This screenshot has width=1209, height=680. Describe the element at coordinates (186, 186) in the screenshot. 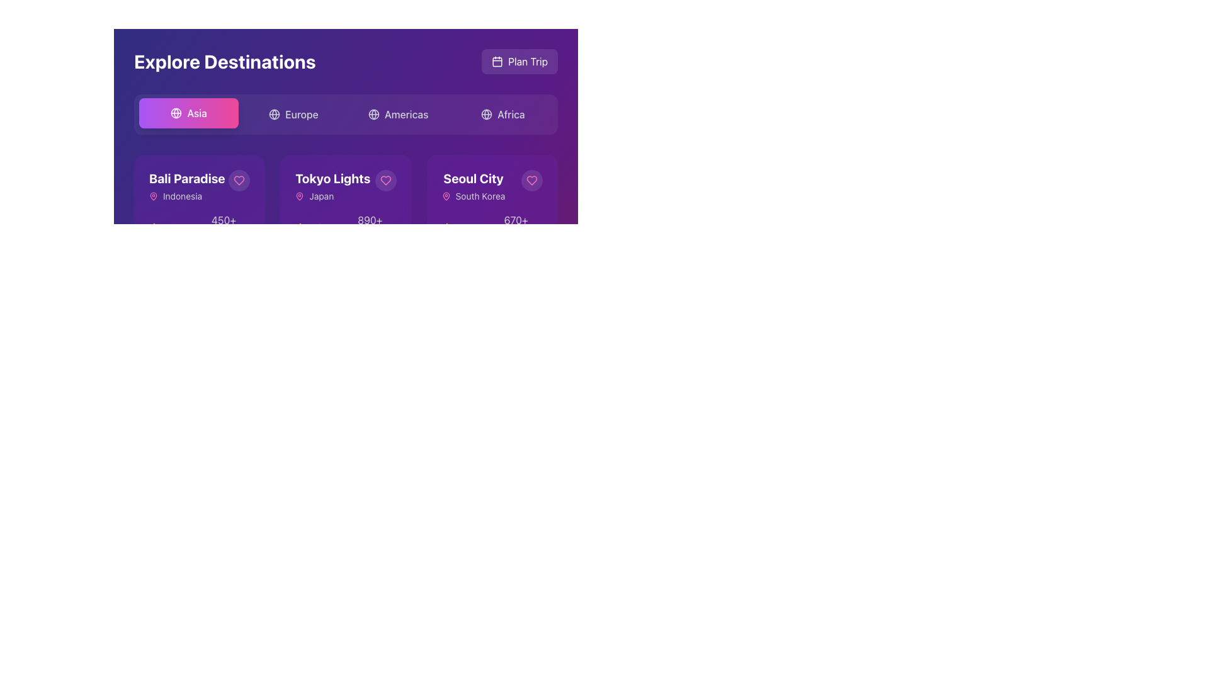

I see `informational text display for the travel destination located directly beneath the 'Asia' filter button and adjacent to 'Tokyo Lights'` at that location.